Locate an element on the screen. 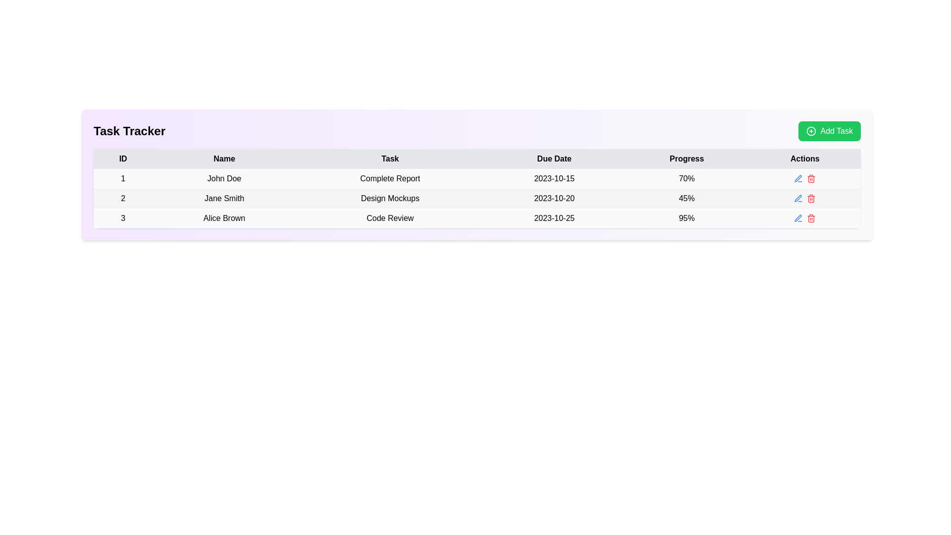  the 'Task' column header text label in the table, which is positioned between the 'Name' and 'Due Date' columns is located at coordinates (389, 158).